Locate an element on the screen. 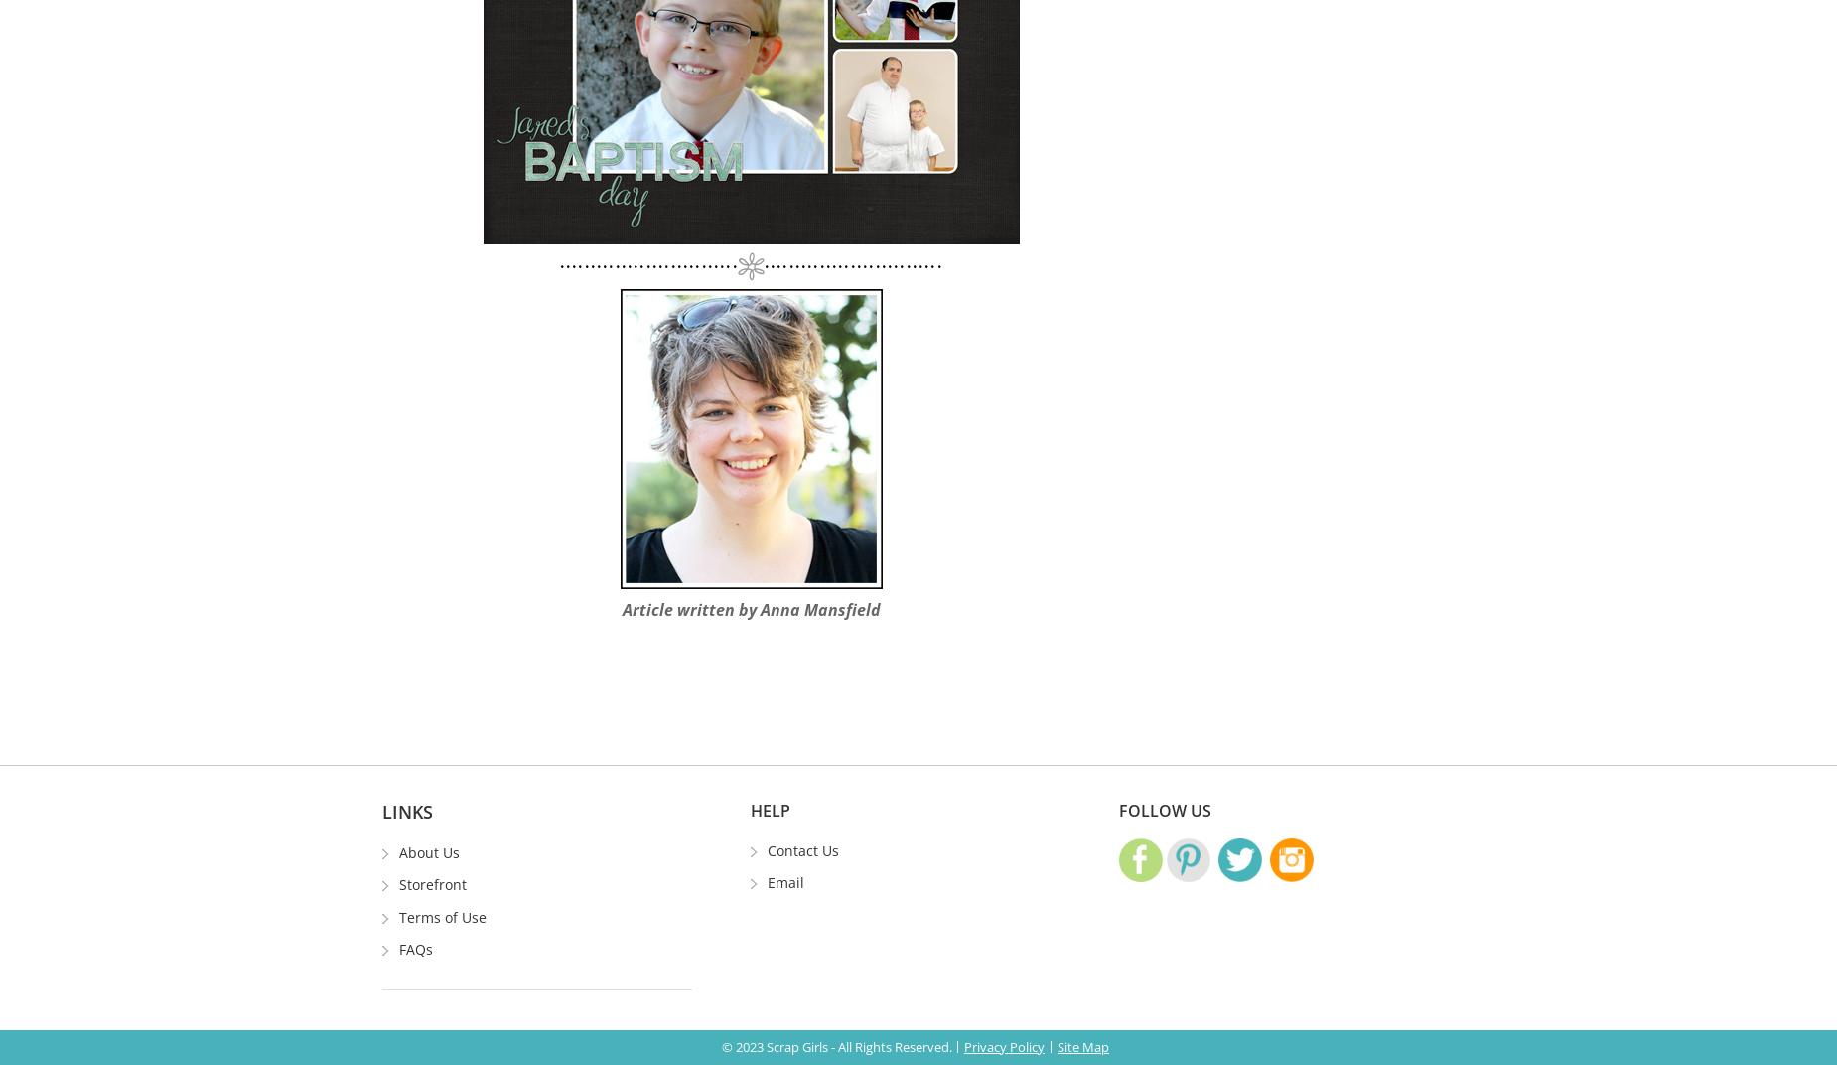 Image resolution: width=1837 pixels, height=1065 pixels. '© 2023 Scrap Girls - All Rights Reserved.' is located at coordinates (837, 1046).